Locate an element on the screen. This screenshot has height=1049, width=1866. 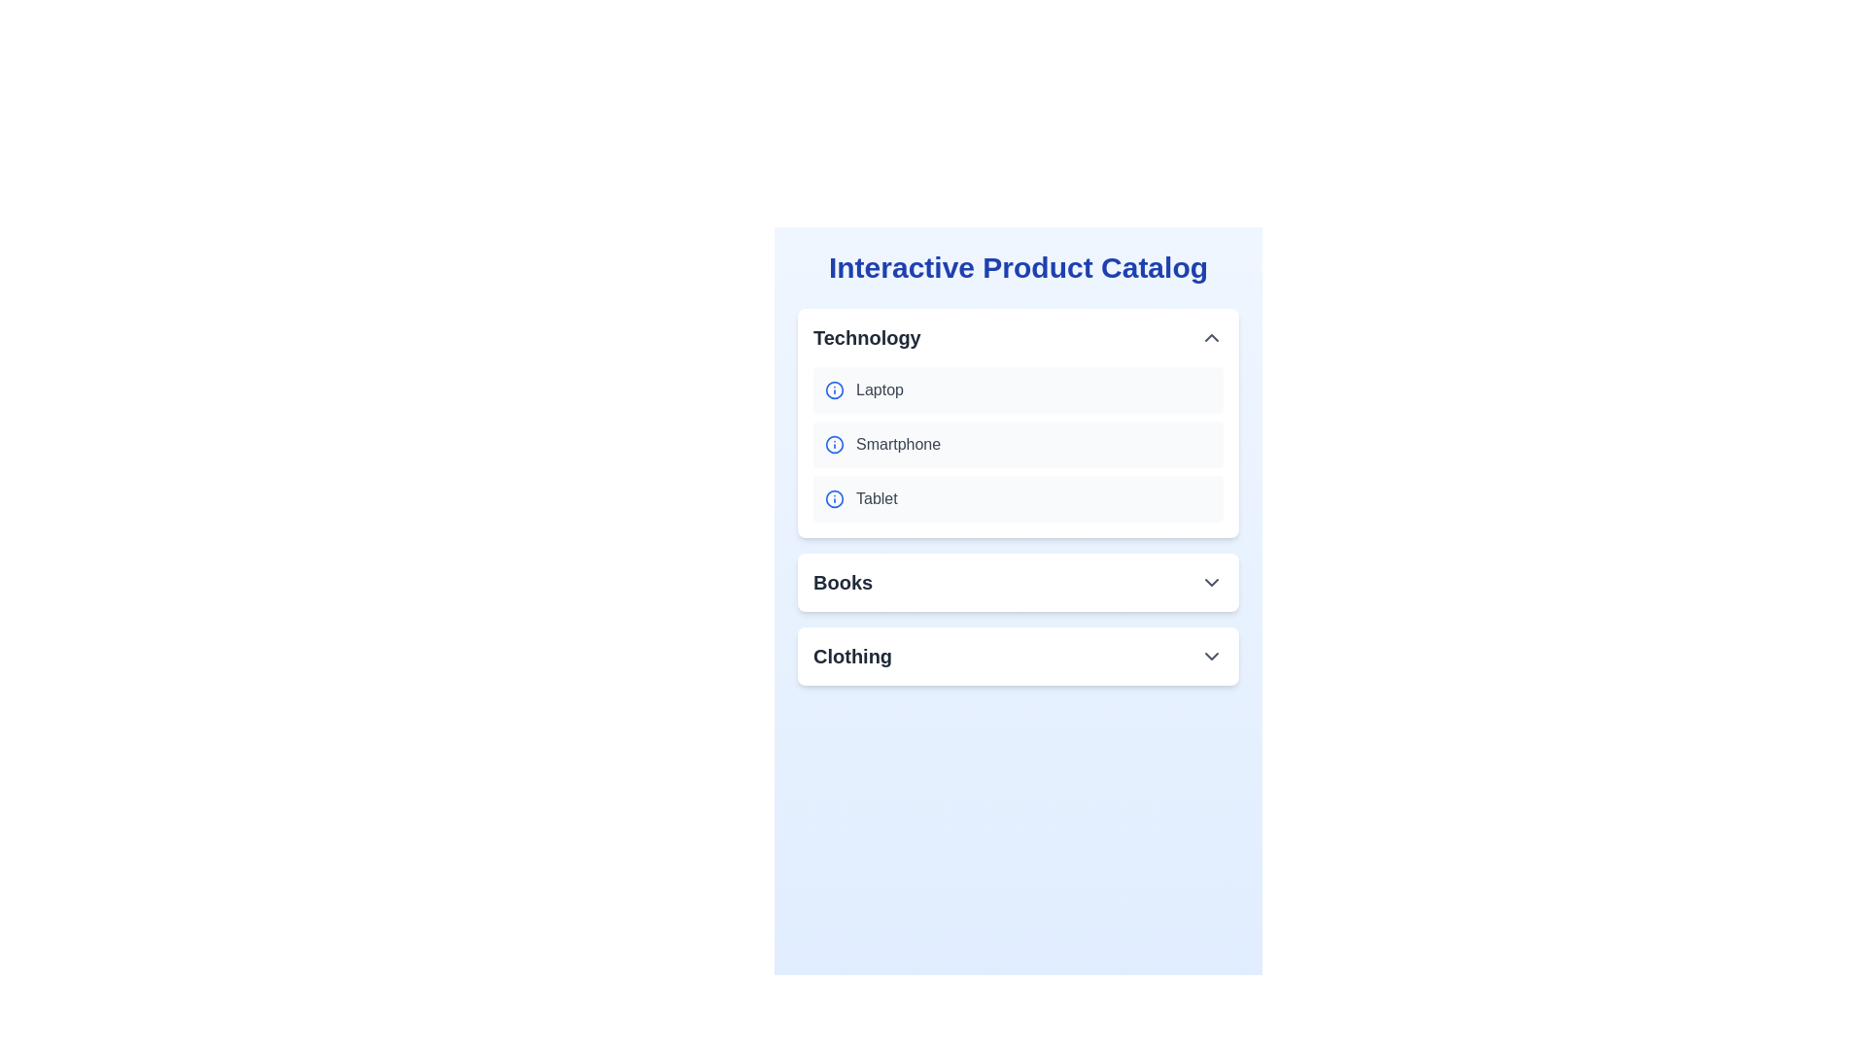
the 'Tablet' list item, which is the third item in the 'Technology' section of the interactive product catalog is located at coordinates (1017, 496).